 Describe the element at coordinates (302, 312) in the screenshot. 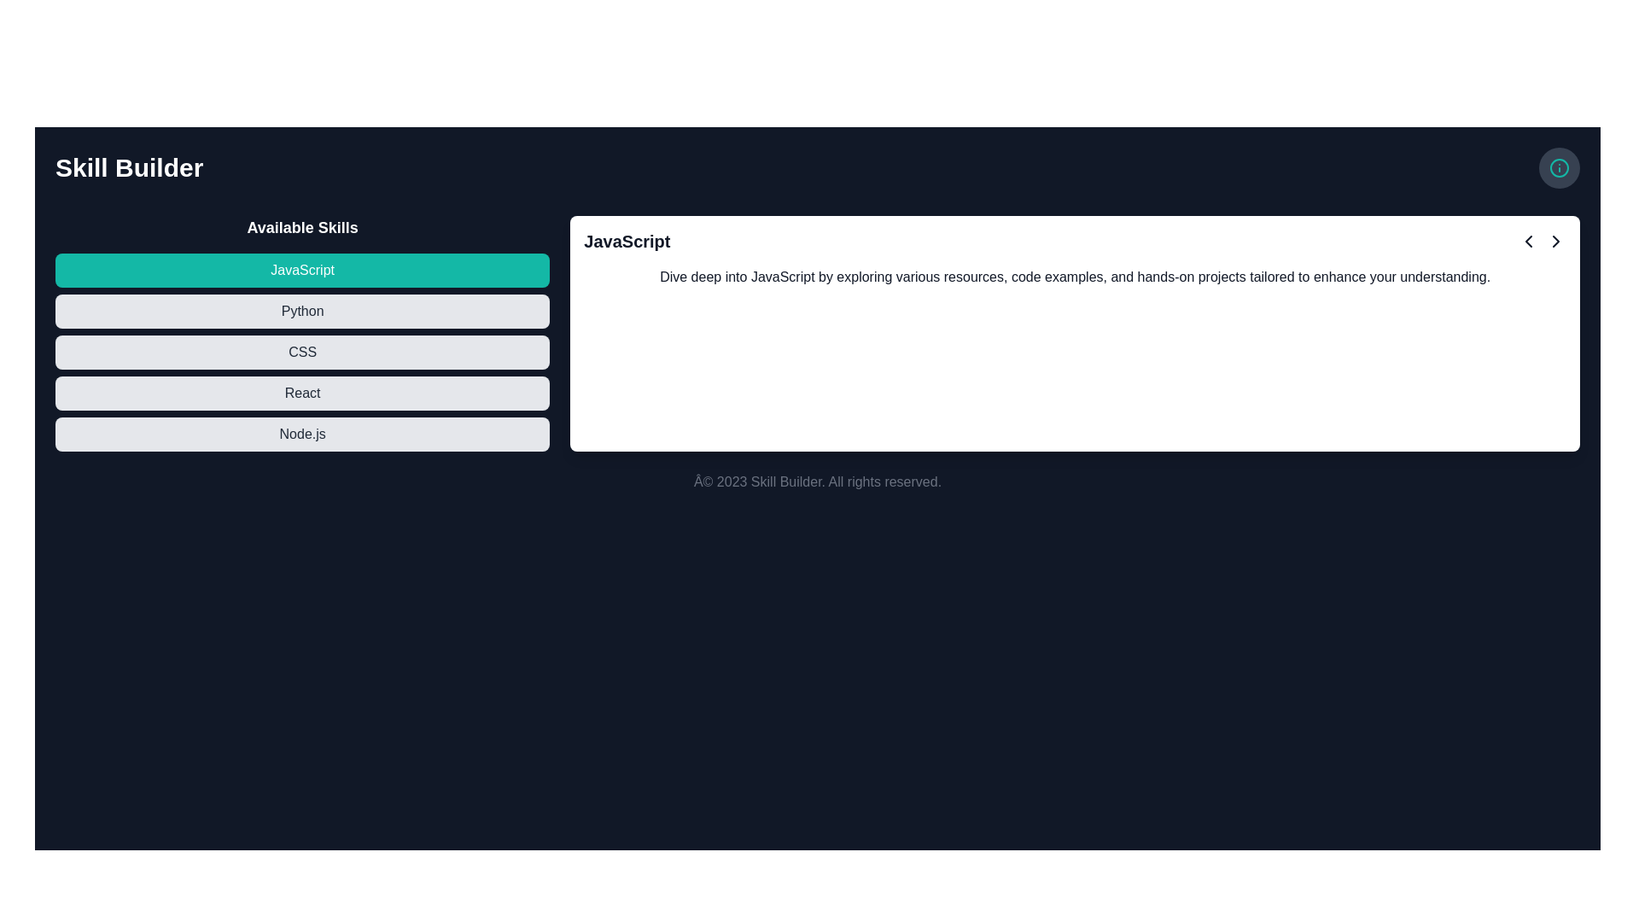

I see `the button` at that location.